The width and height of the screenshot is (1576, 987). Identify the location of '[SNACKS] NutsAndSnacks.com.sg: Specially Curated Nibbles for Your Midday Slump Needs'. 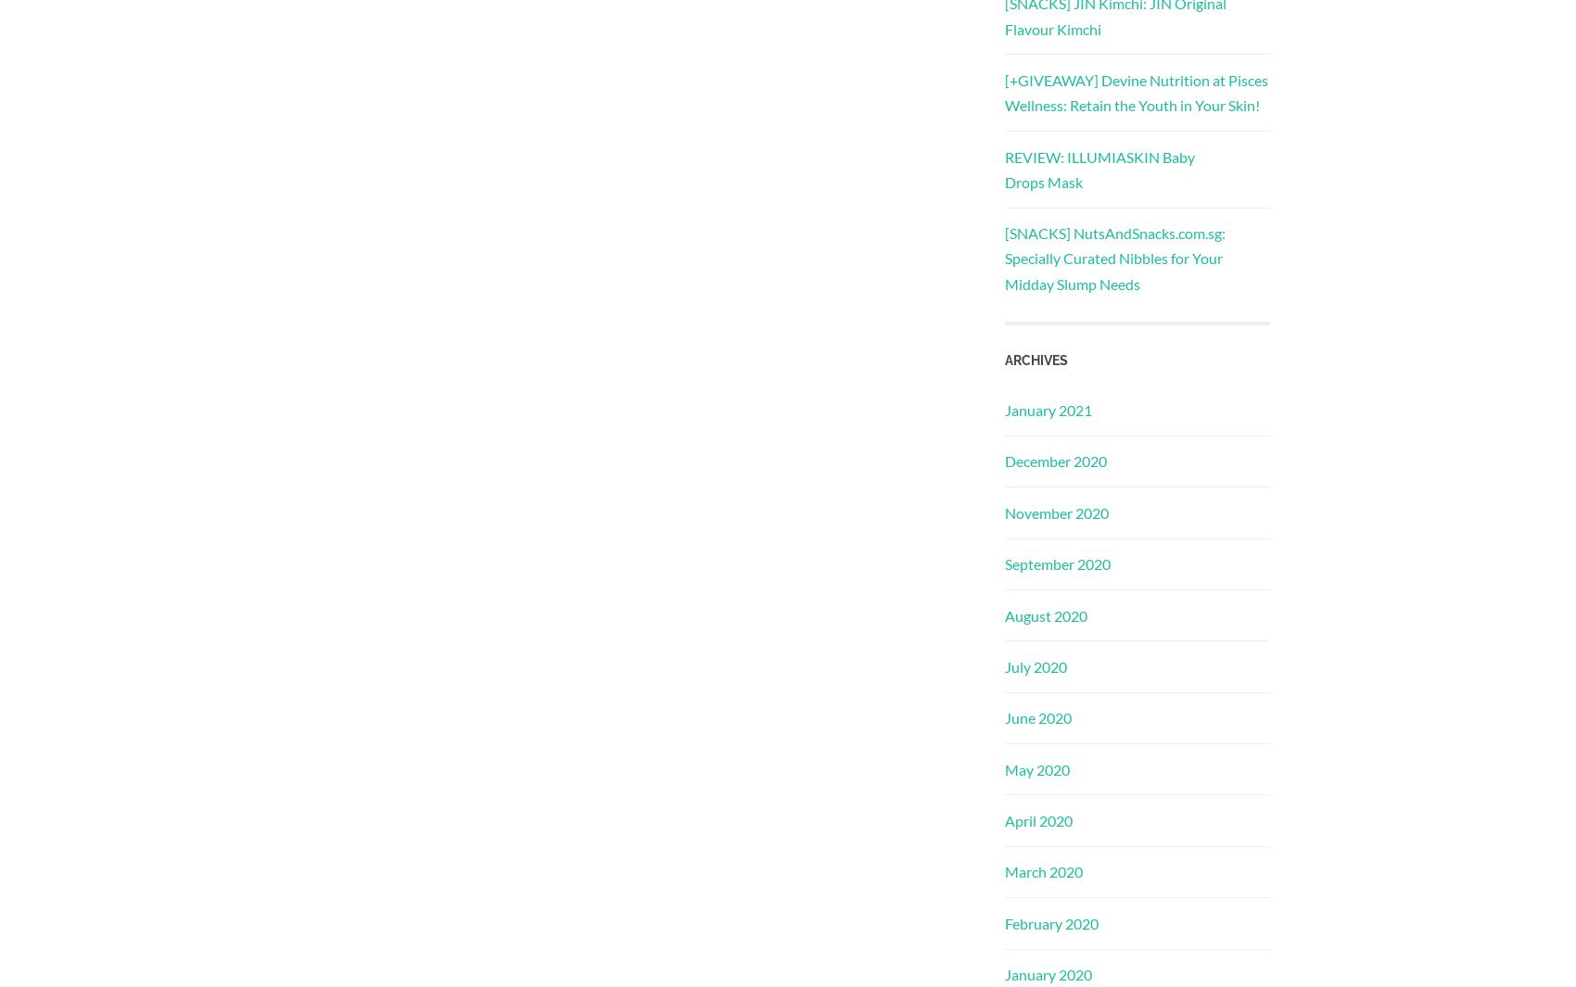
(1113, 257).